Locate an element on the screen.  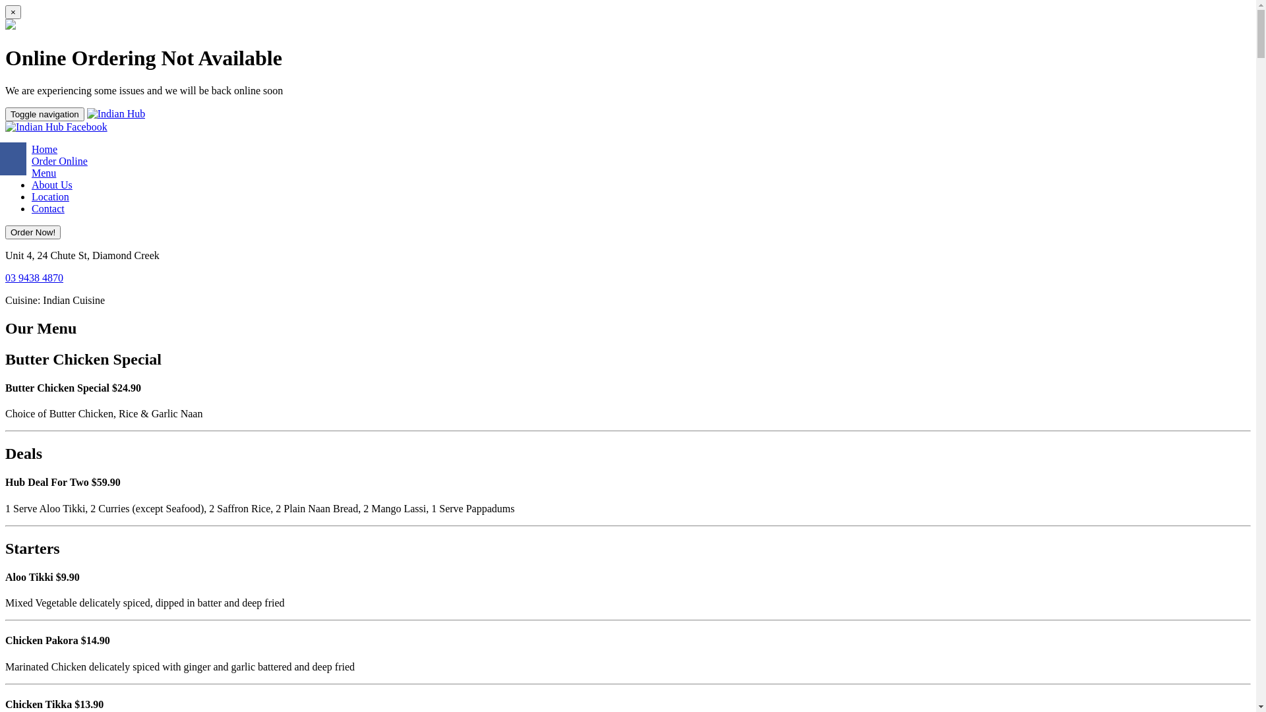
'Location' is located at coordinates (50, 196).